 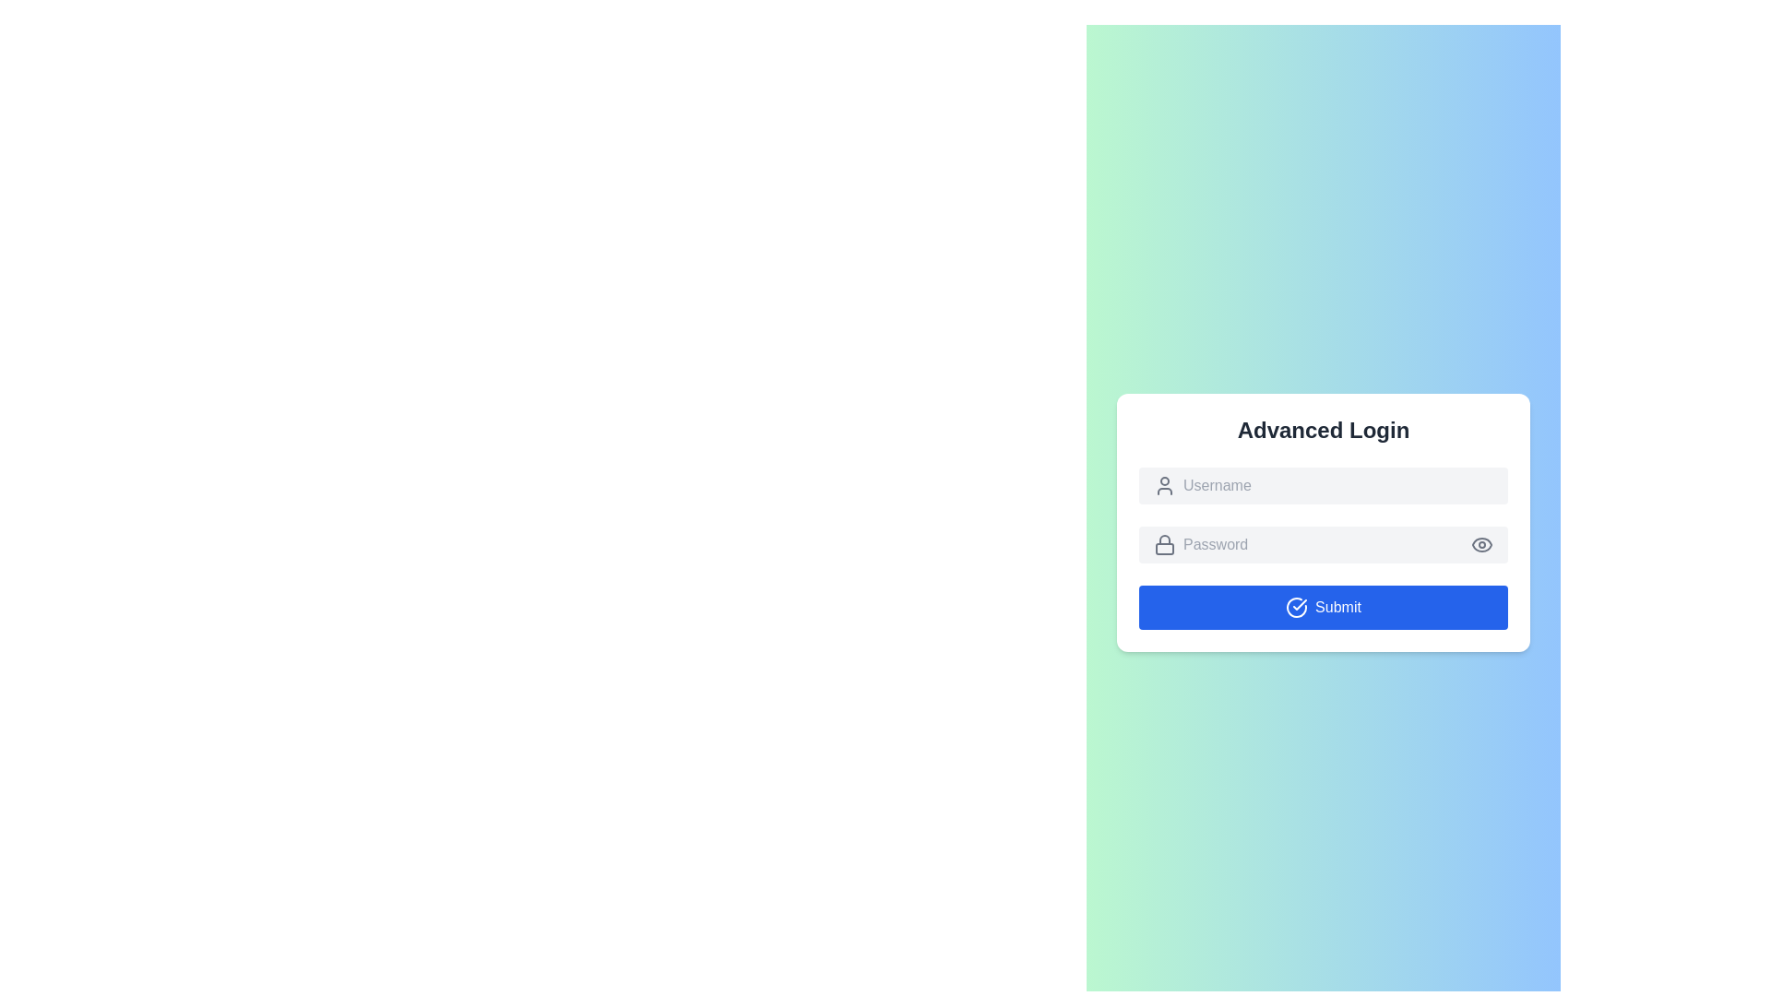 I want to click on the password input field located, so click(x=1323, y=543).